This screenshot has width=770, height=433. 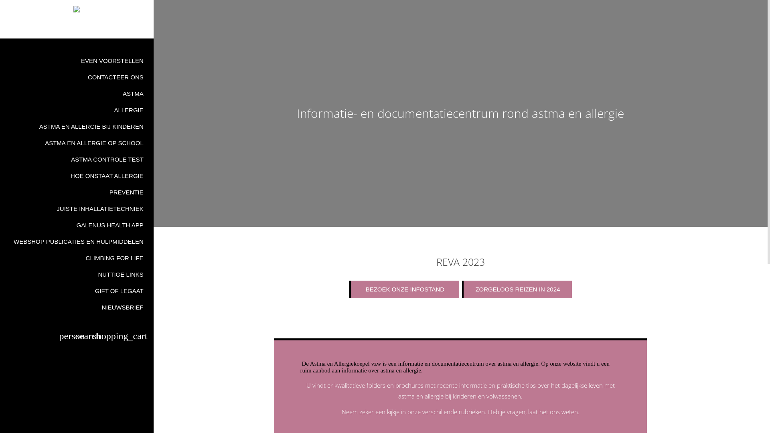 I want to click on 'ASTMA EN ALLERGIE BIJ KINDEREN', so click(x=77, y=126).